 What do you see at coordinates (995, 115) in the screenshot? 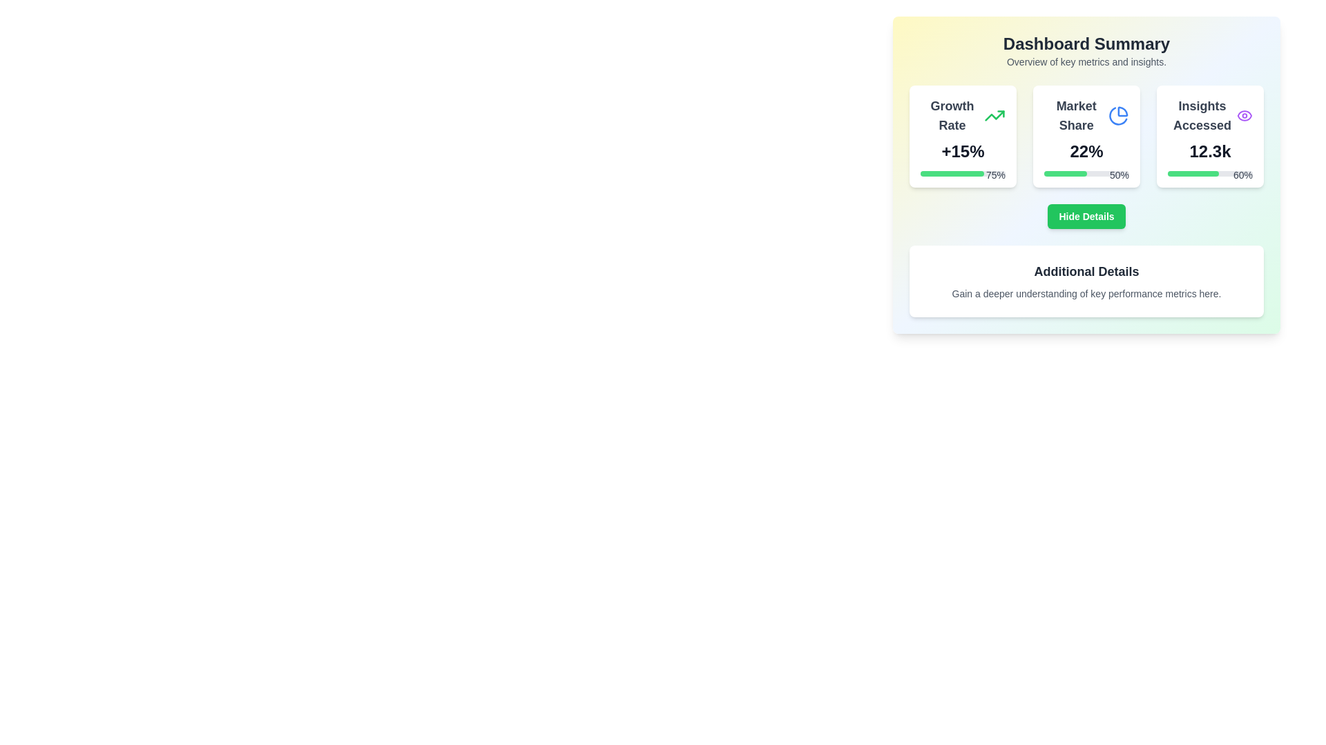
I see `the icon representing a positive growth rate located to the right of the 'Growth Rate' label in the 'Dashboard Summary' section` at bounding box center [995, 115].